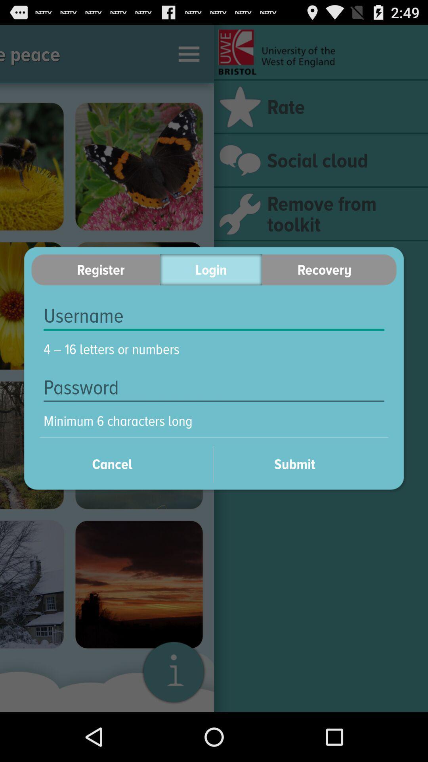  Describe the element at coordinates (210, 269) in the screenshot. I see `login icon` at that location.